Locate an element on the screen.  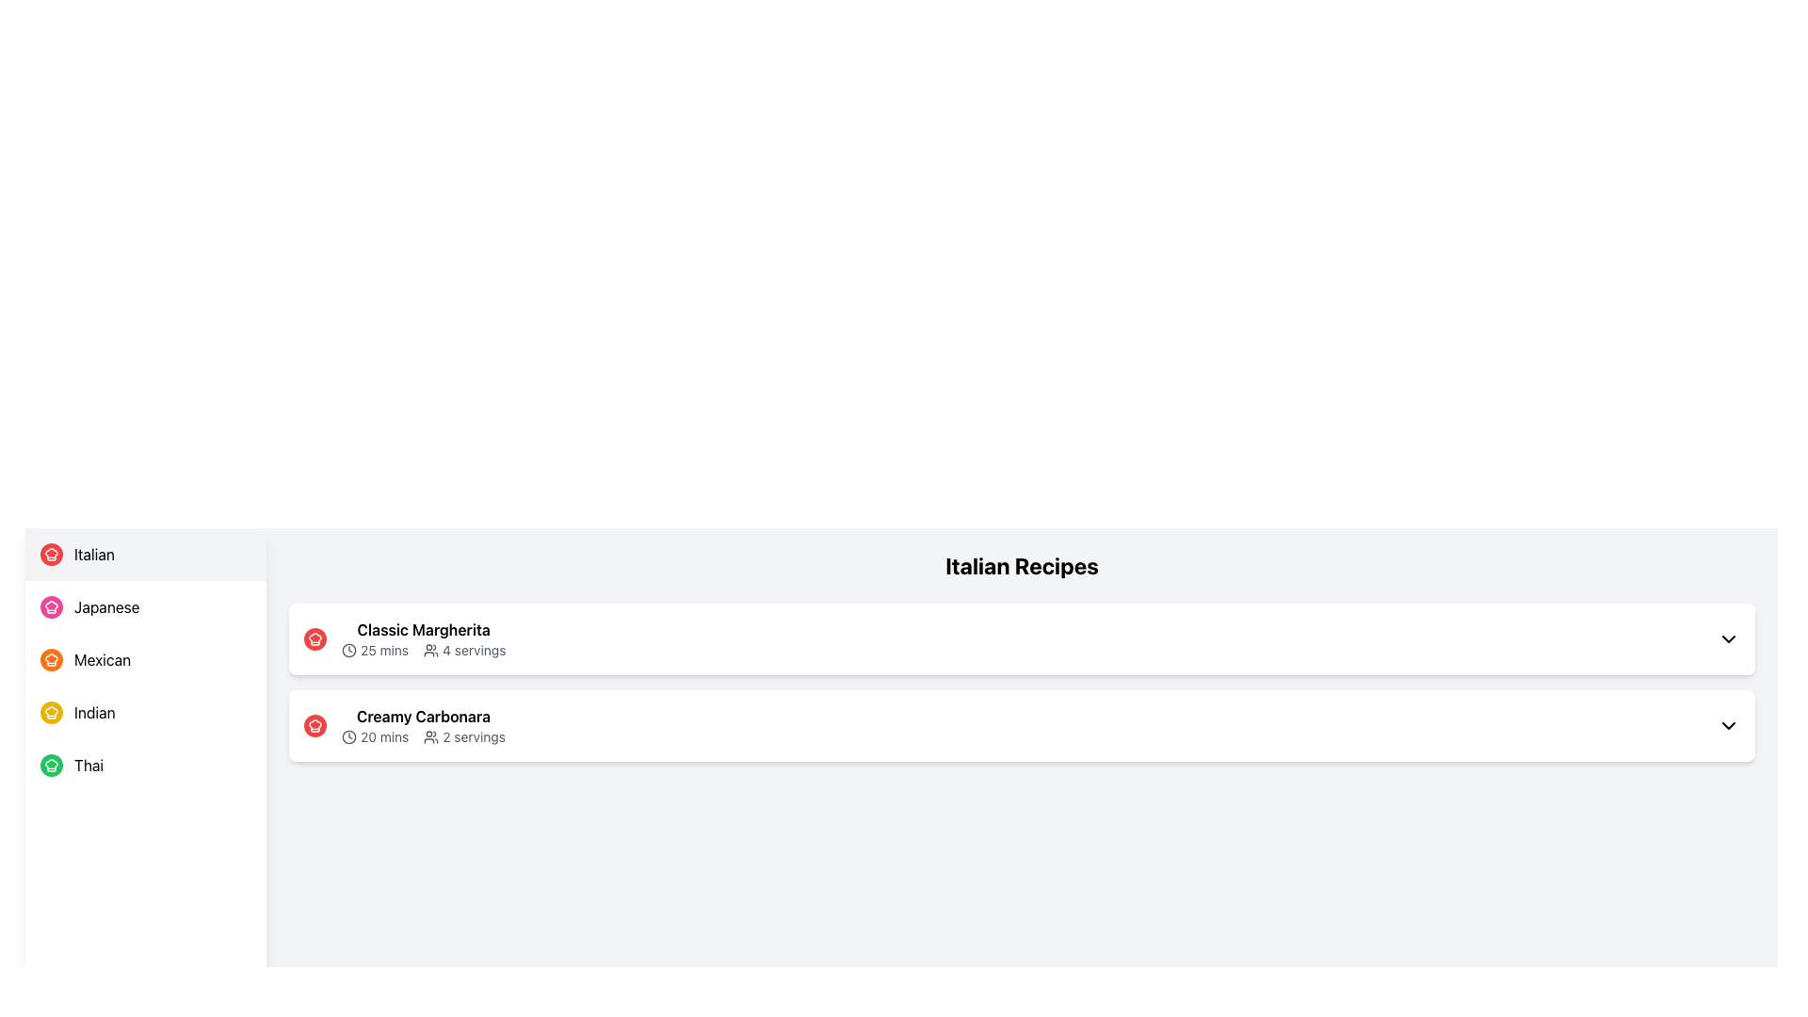
the text label containing the word 'Mexican' is located at coordinates (102, 659).